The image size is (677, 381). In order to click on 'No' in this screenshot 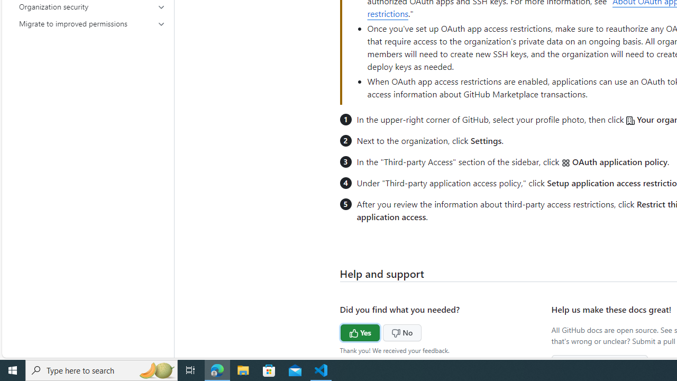, I will do `click(381, 331)`.